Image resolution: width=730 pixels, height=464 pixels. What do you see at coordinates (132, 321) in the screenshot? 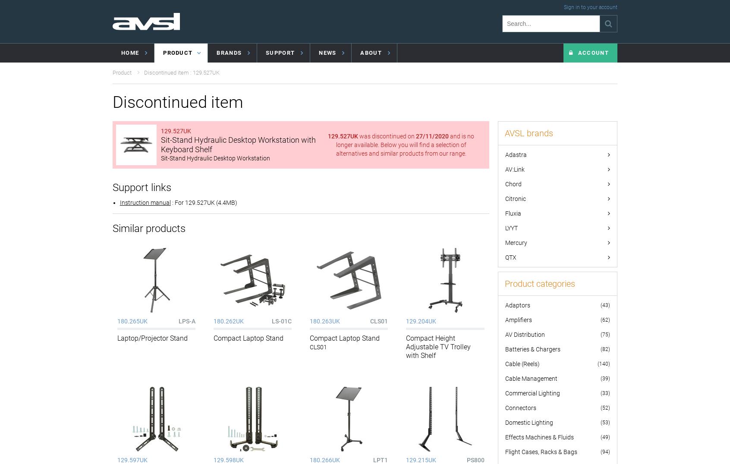
I see `'180.265UK'` at bounding box center [132, 321].